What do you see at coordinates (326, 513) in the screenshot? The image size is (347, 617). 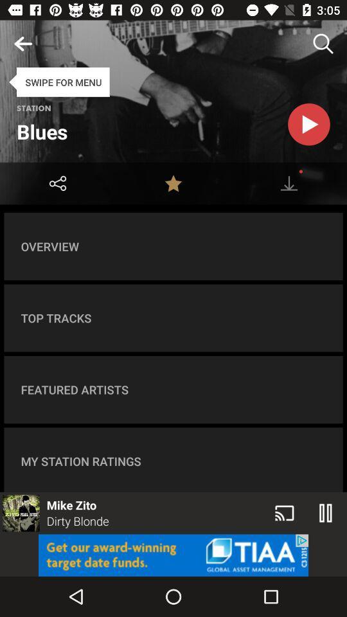 I see `the pause icon` at bounding box center [326, 513].